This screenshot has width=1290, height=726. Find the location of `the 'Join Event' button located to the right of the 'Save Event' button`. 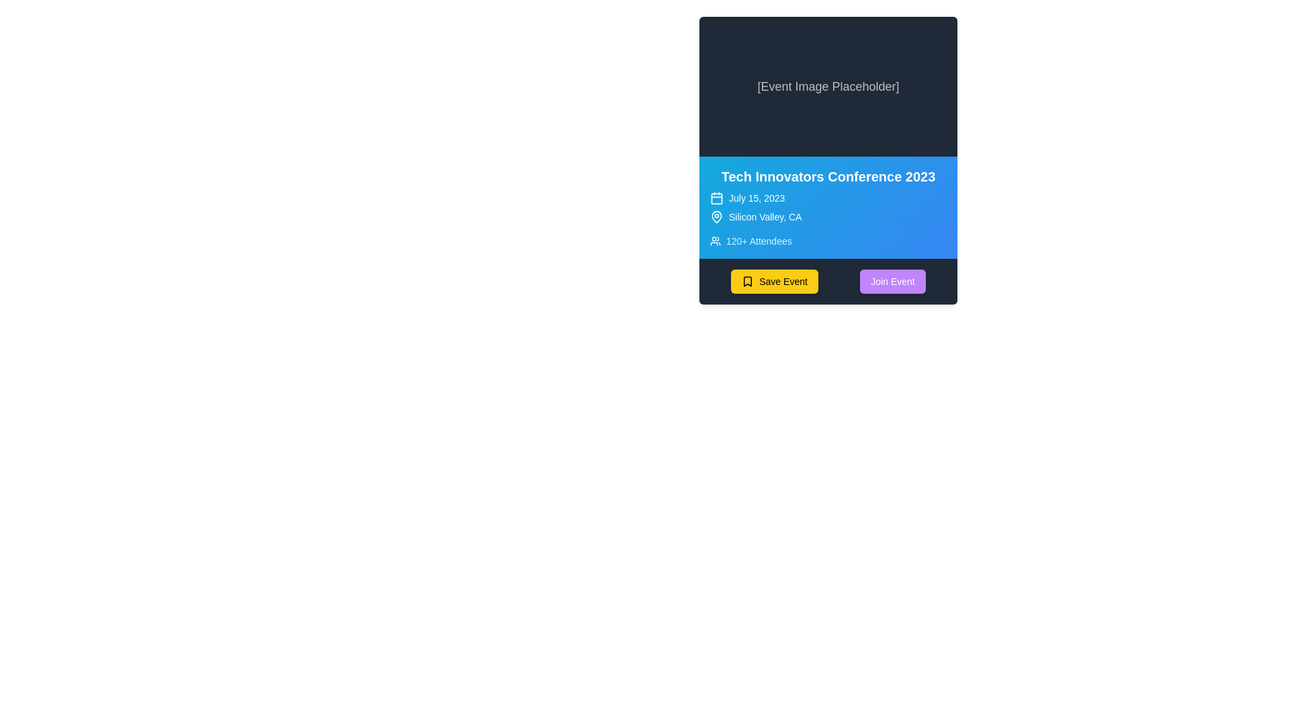

the 'Join Event' button located to the right of the 'Save Event' button is located at coordinates (893, 281).